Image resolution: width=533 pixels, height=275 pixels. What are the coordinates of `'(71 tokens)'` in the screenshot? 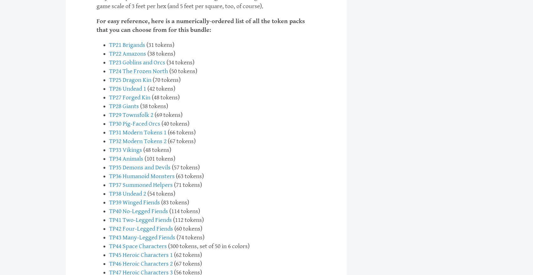 It's located at (187, 185).